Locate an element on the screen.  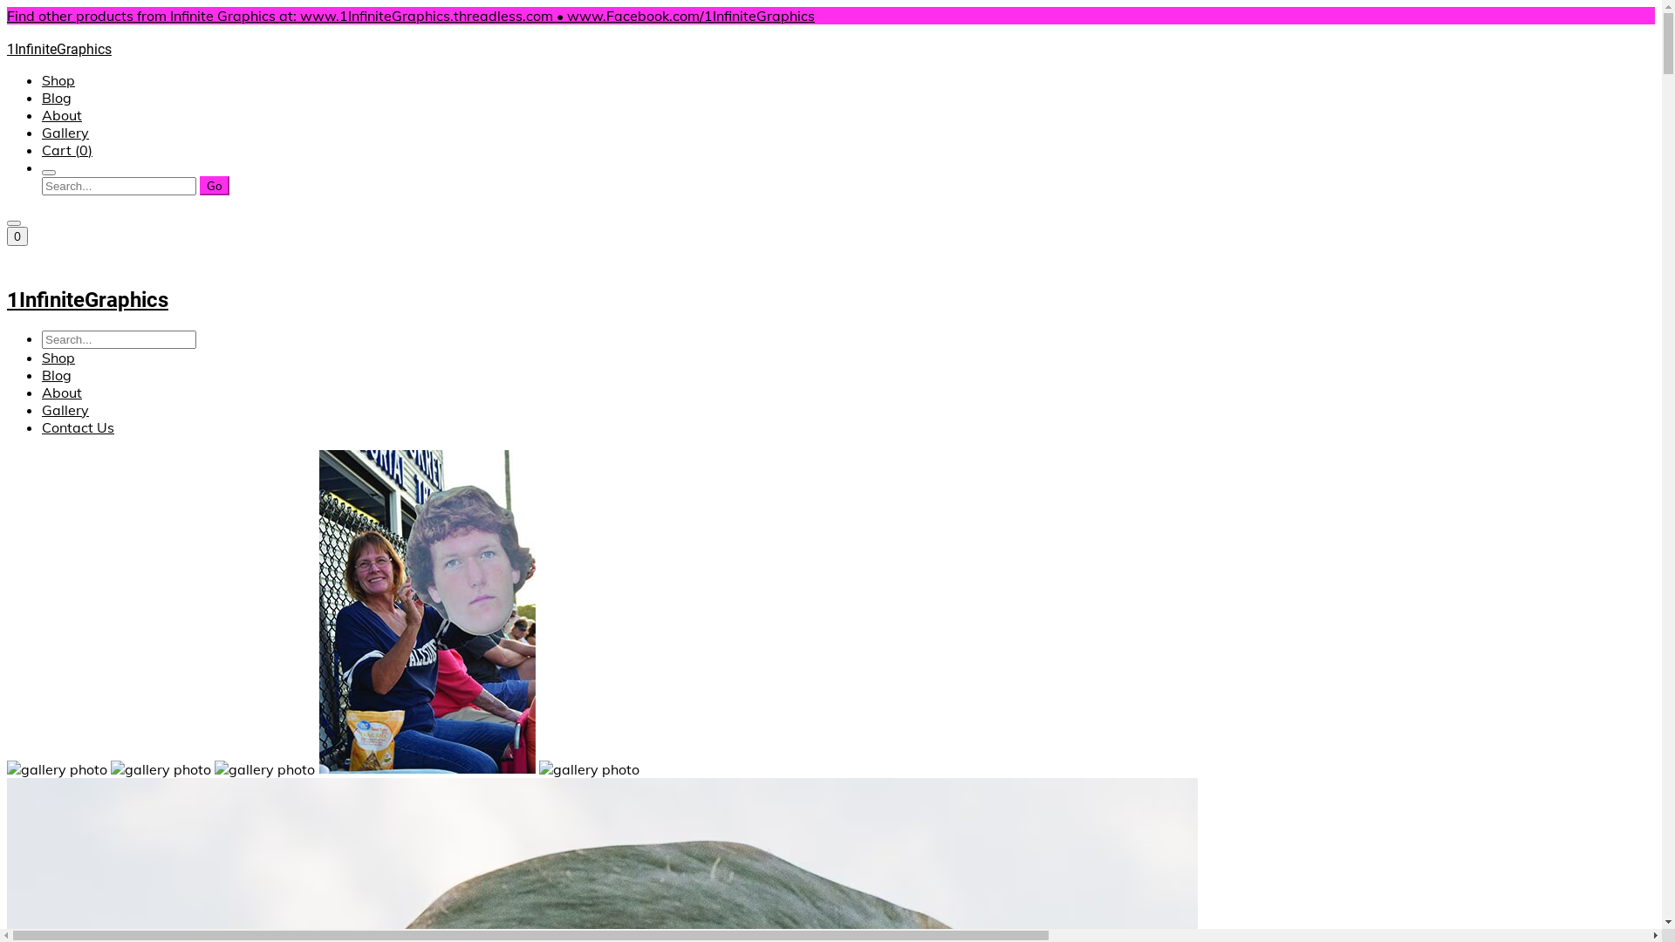
'Contact Us' is located at coordinates (77, 427).